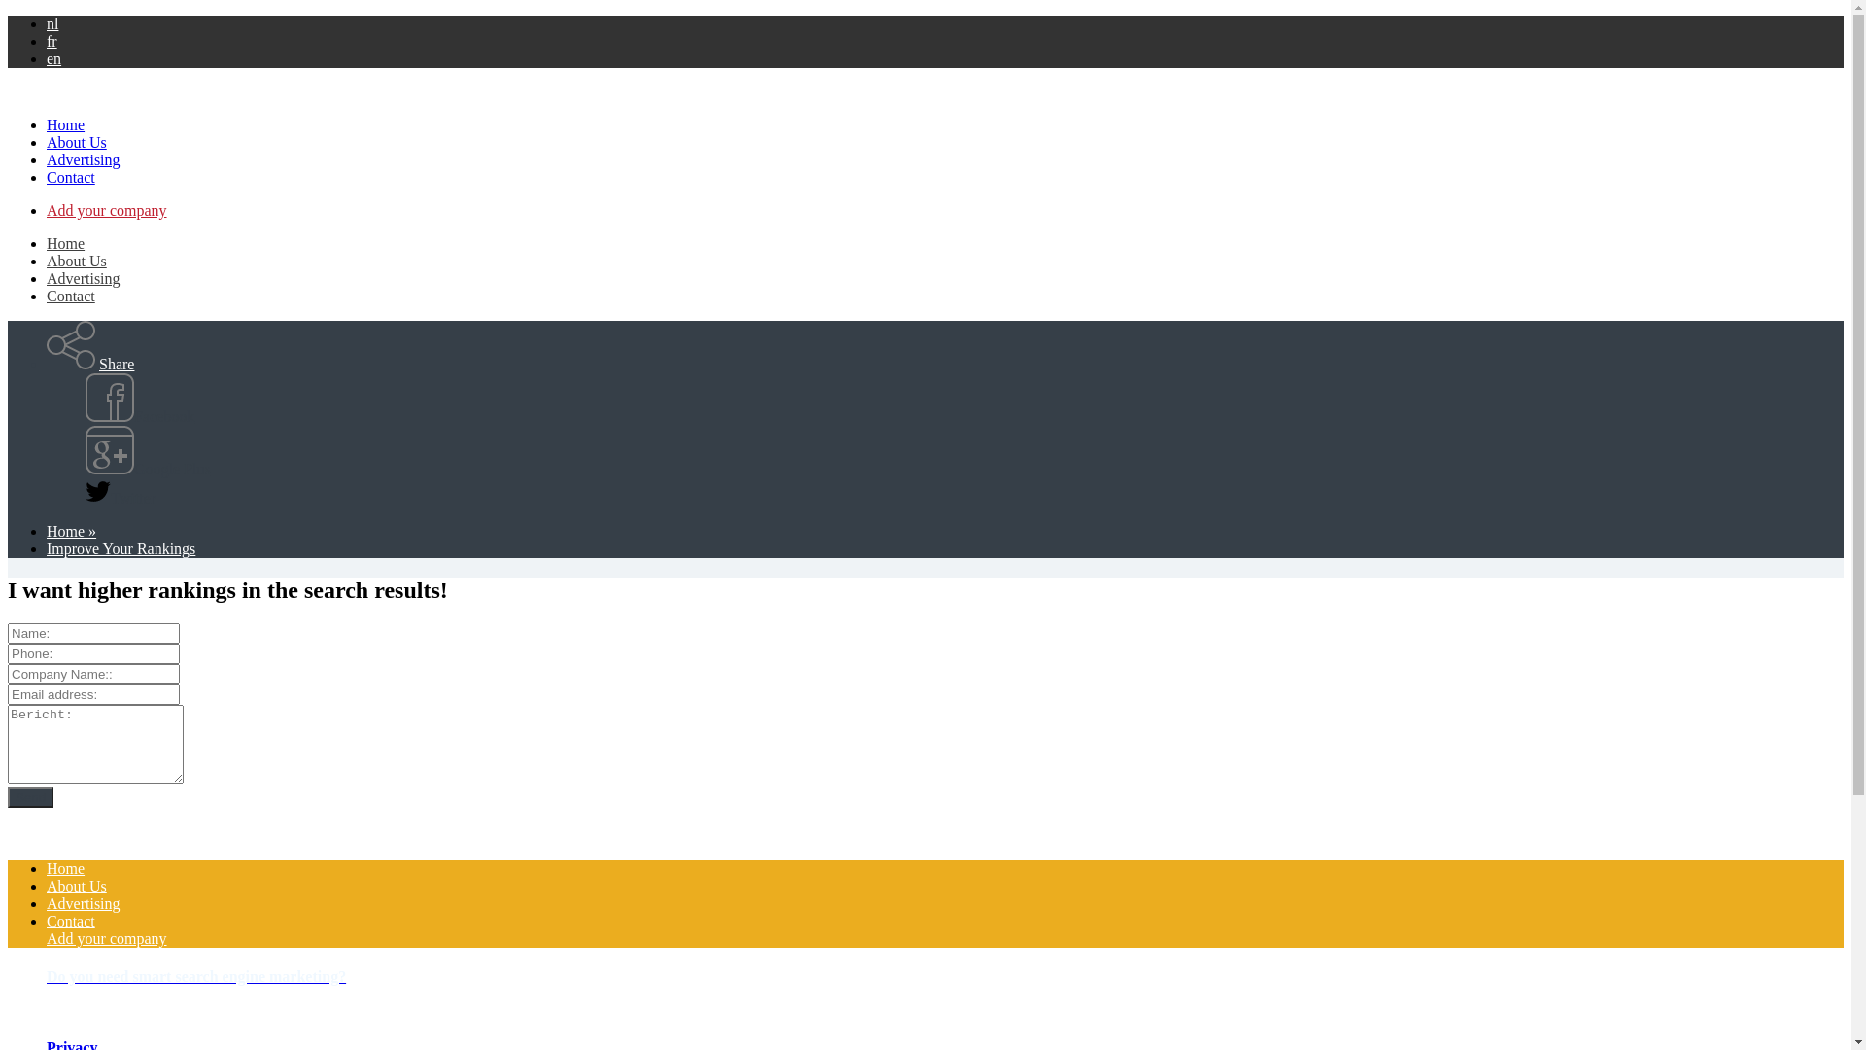 The height and width of the screenshot is (1050, 1866). What do you see at coordinates (83, 278) in the screenshot?
I see `'Advertising'` at bounding box center [83, 278].